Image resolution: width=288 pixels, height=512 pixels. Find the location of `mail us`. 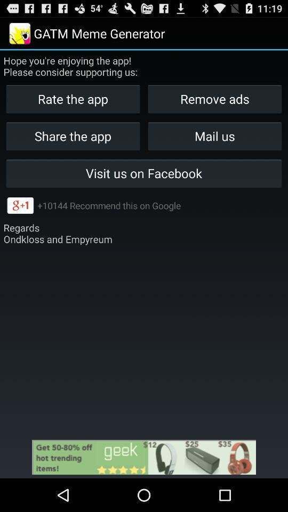

mail us is located at coordinates (214, 135).